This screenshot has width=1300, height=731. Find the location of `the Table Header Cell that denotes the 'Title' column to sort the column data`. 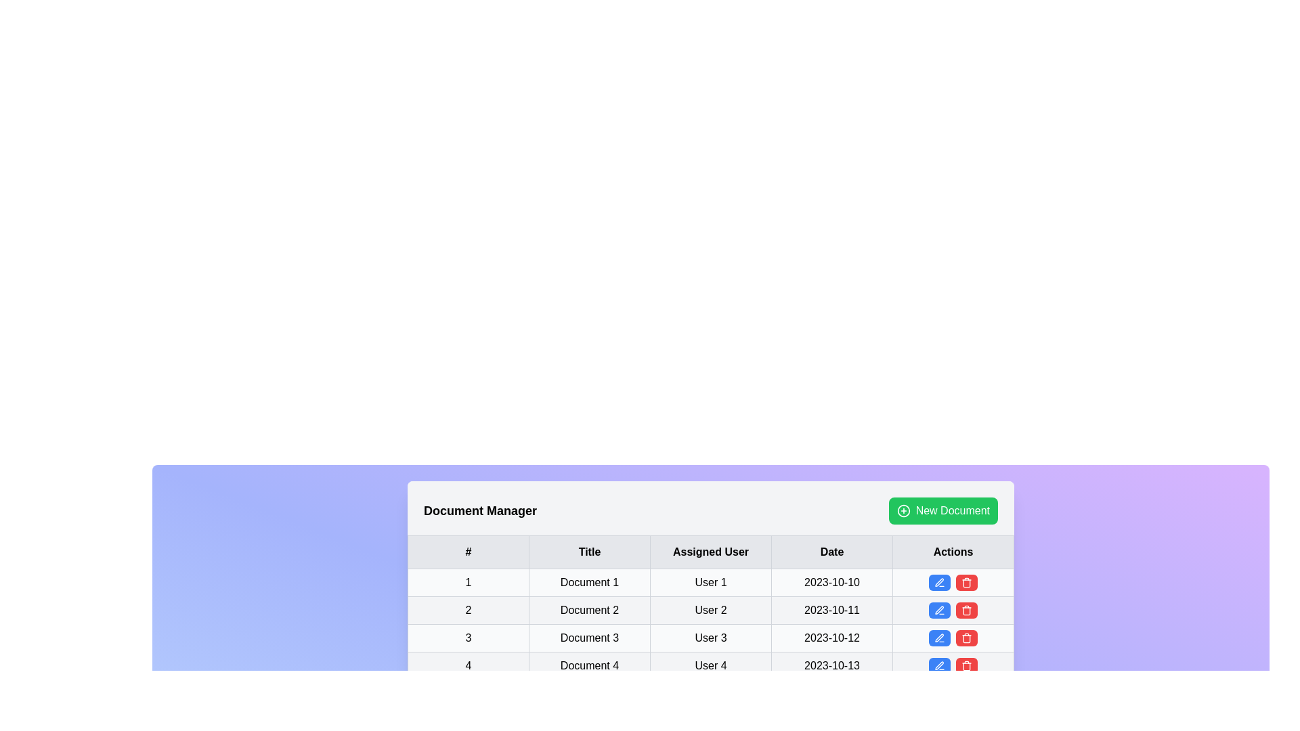

the Table Header Cell that denotes the 'Title' column to sort the column data is located at coordinates (589, 552).